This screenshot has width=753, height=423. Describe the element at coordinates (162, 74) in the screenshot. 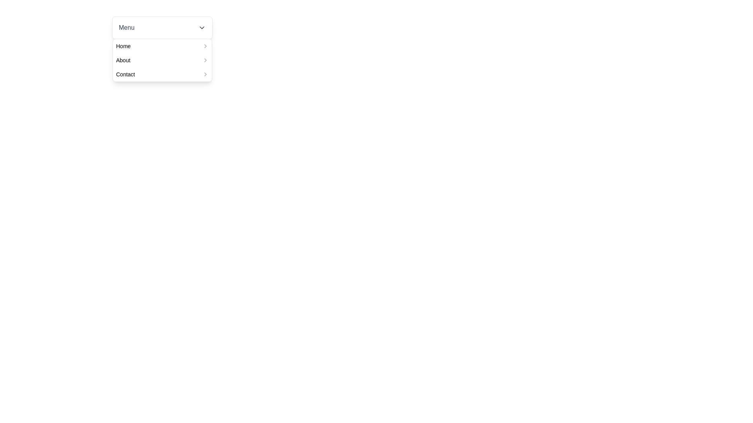

I see `the third item in the dropdown menu labeled 'Contact'` at that location.